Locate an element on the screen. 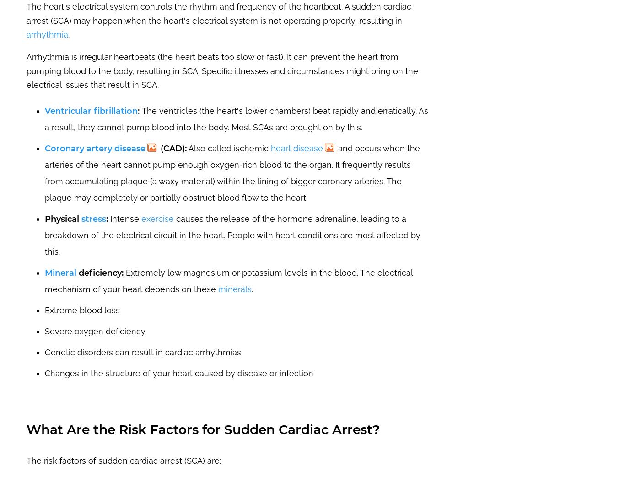 This screenshot has height=477, width=625. 'stress' is located at coordinates (93, 218).